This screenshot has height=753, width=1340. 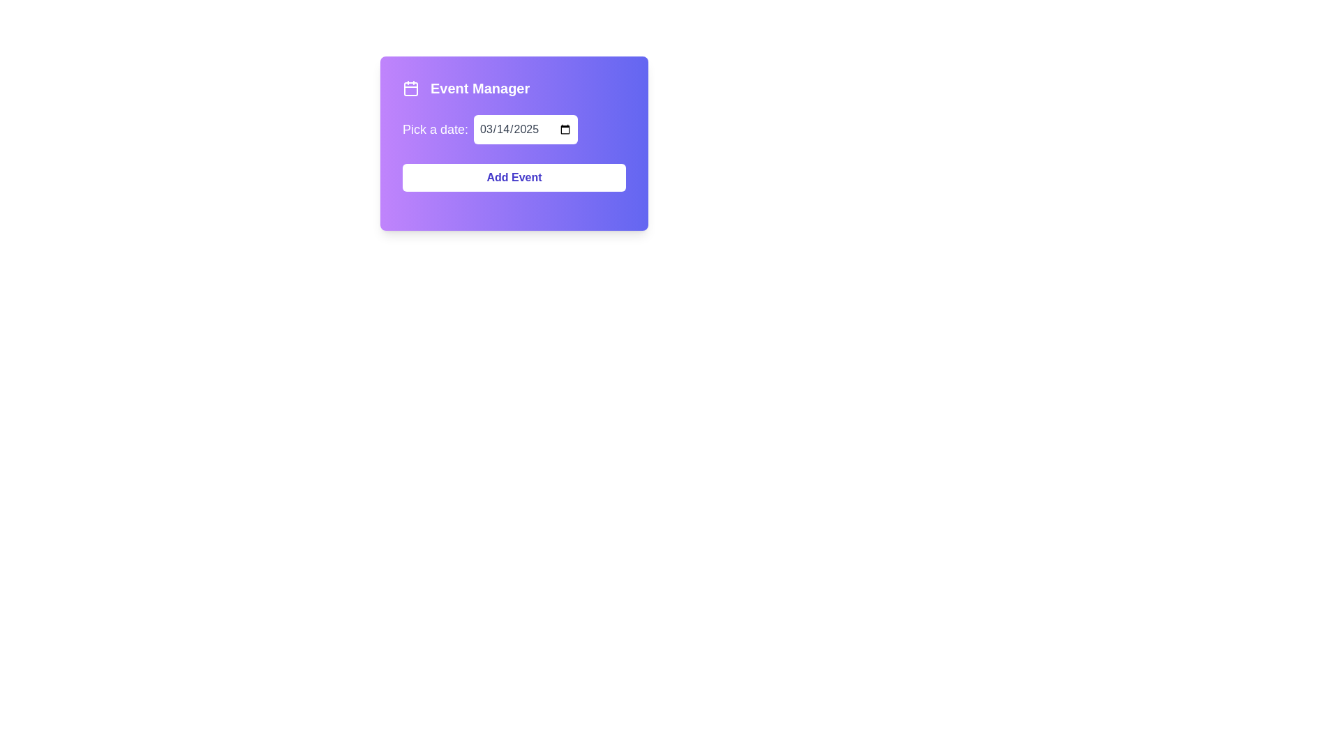 I want to click on the SVG rectangle with rounded corners that represents the interior of the calendar icon located in the top left of the 'Event Manager' box, so click(x=410, y=89).